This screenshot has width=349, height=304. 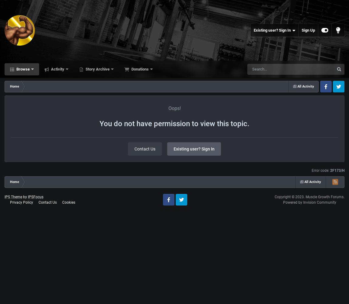 I want to click on 'Powered by Invision Community', so click(x=283, y=202).